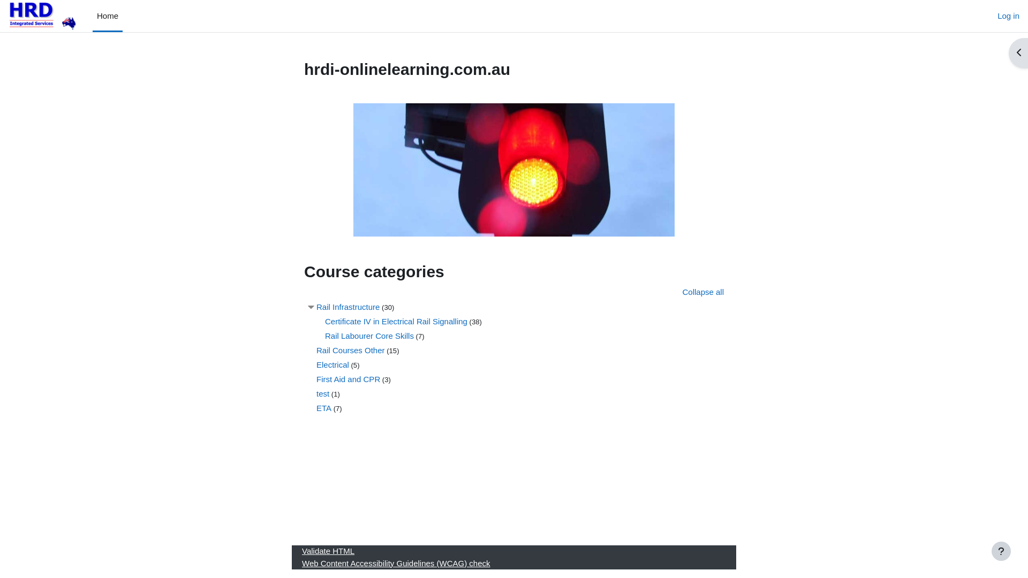  Describe the element at coordinates (703, 292) in the screenshot. I see `'Collapse all'` at that location.